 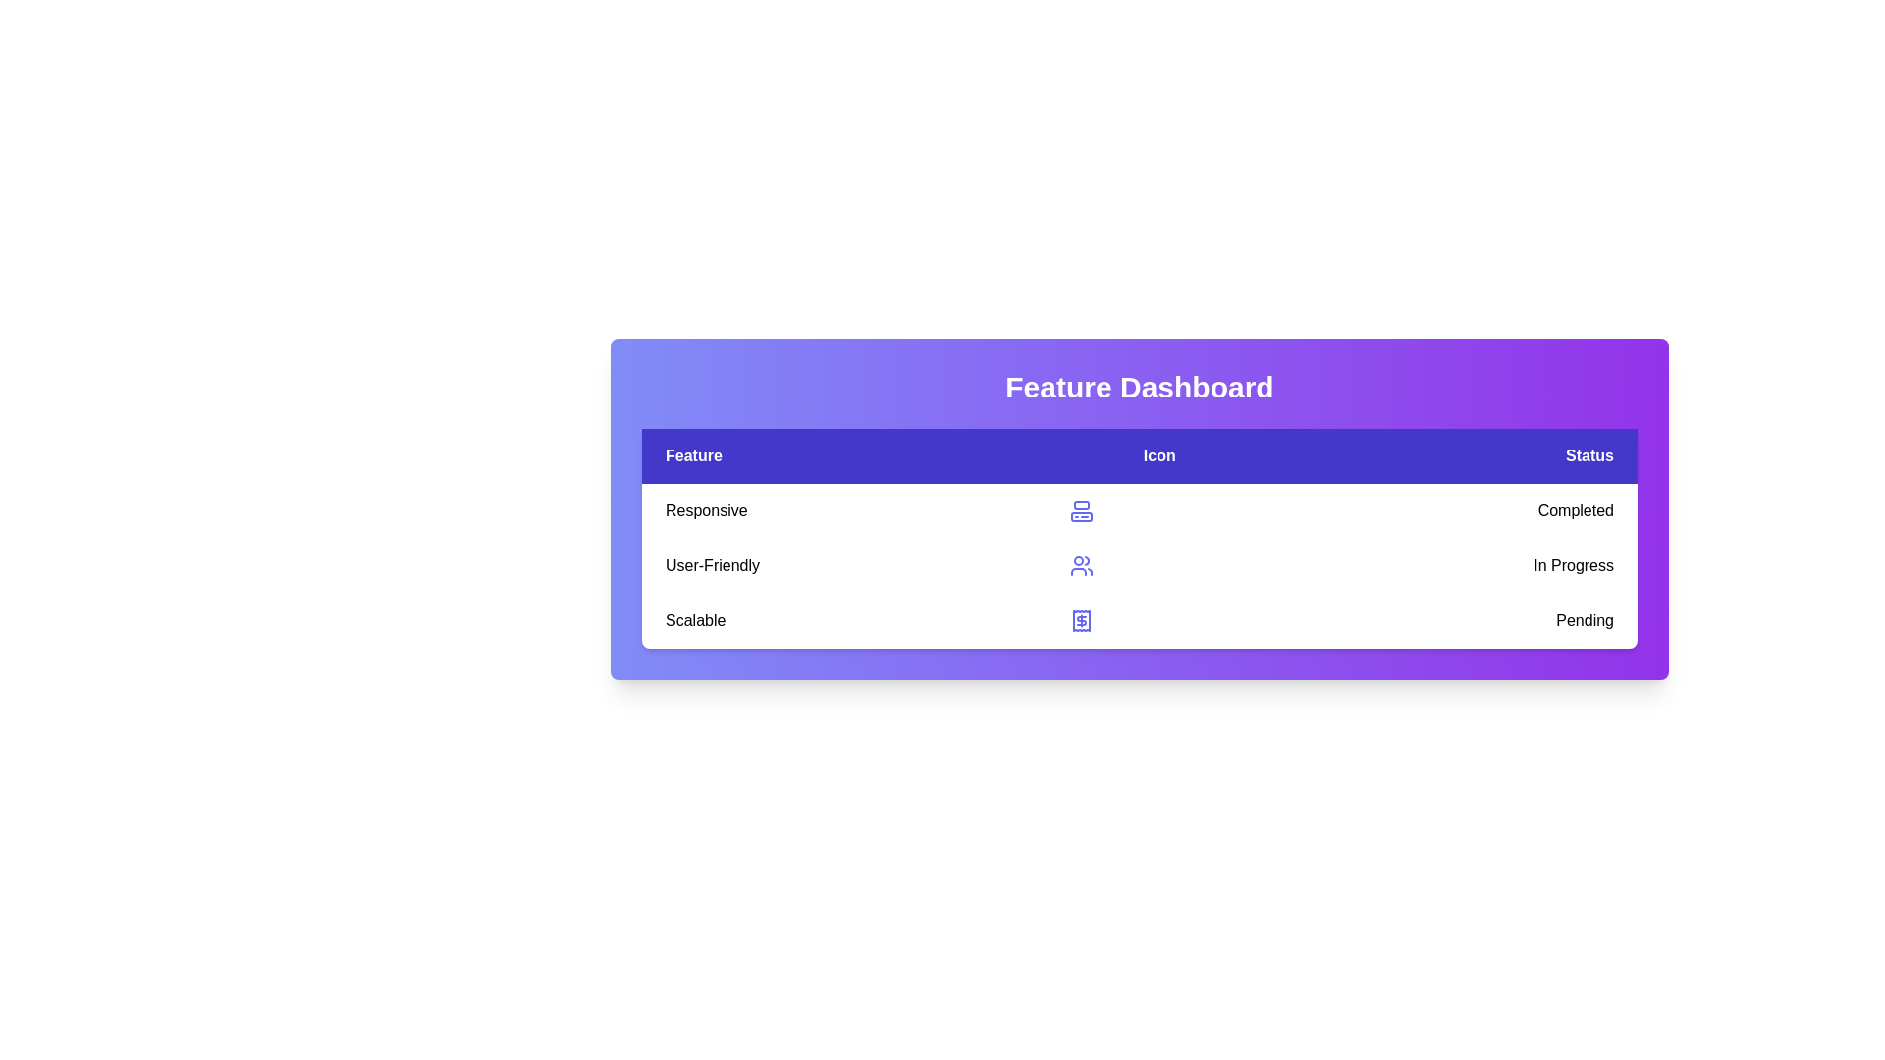 What do you see at coordinates (1080, 620) in the screenshot?
I see `the indigo-colored receipt icon with a zigzag edge pattern located in the 'Icon' column of the 'Scalable' row in the table` at bounding box center [1080, 620].